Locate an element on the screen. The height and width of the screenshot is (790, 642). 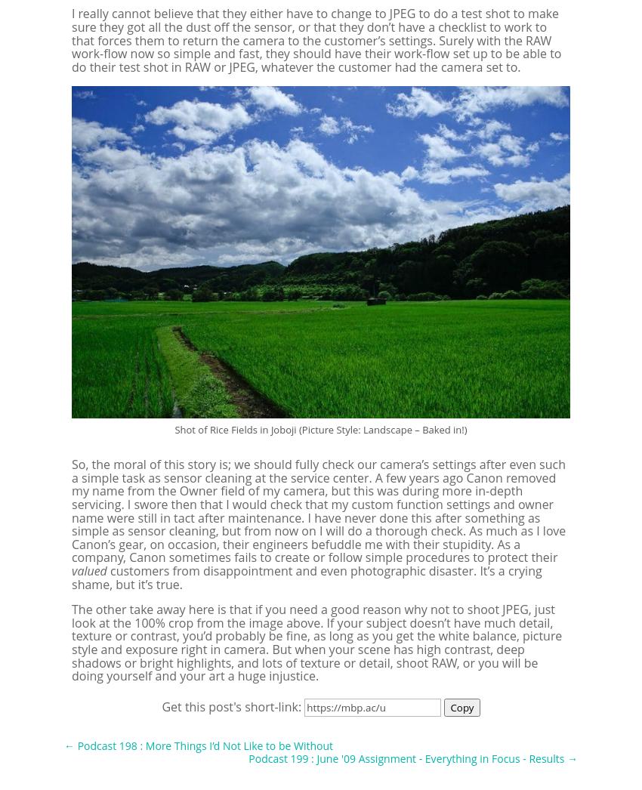
'valued' is located at coordinates (88, 569).